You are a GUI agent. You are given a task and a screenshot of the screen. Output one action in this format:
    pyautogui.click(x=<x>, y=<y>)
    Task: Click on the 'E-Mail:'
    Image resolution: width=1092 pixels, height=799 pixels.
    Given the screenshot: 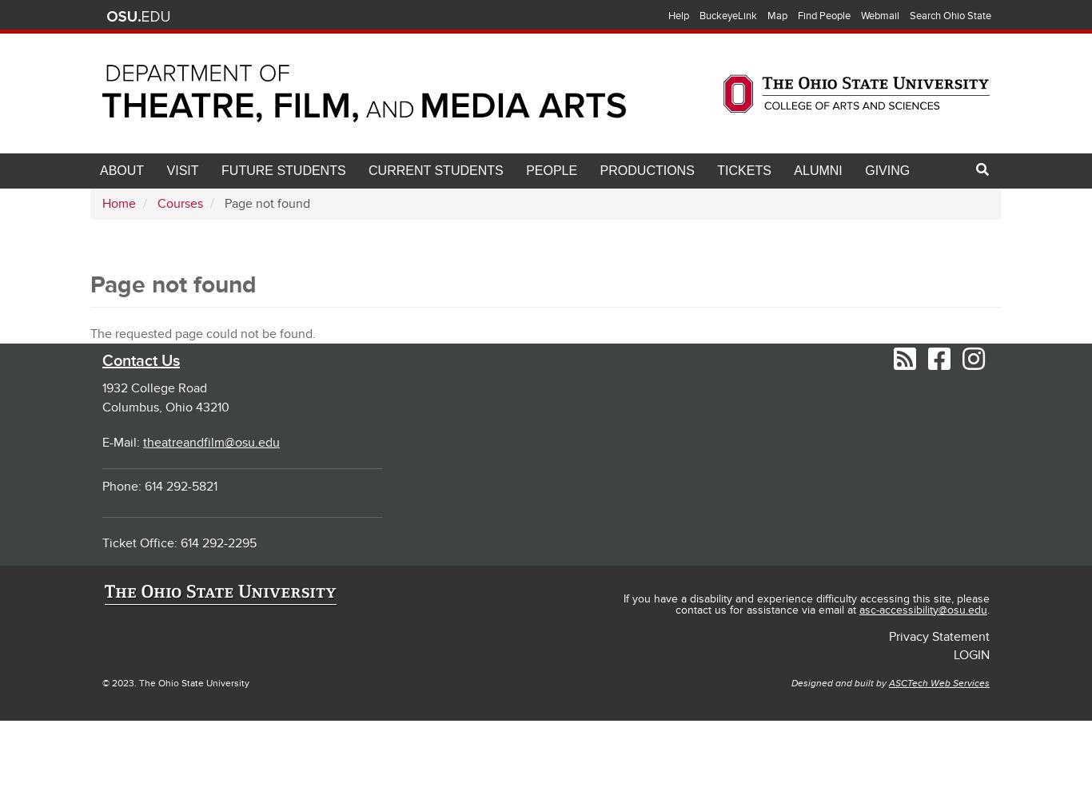 What is the action you would take?
    pyautogui.click(x=122, y=442)
    